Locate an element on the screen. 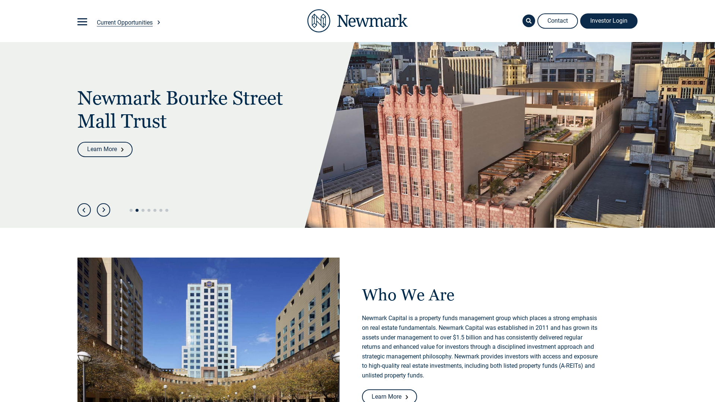 The image size is (715, 402). 'Learn More' is located at coordinates (105, 149).